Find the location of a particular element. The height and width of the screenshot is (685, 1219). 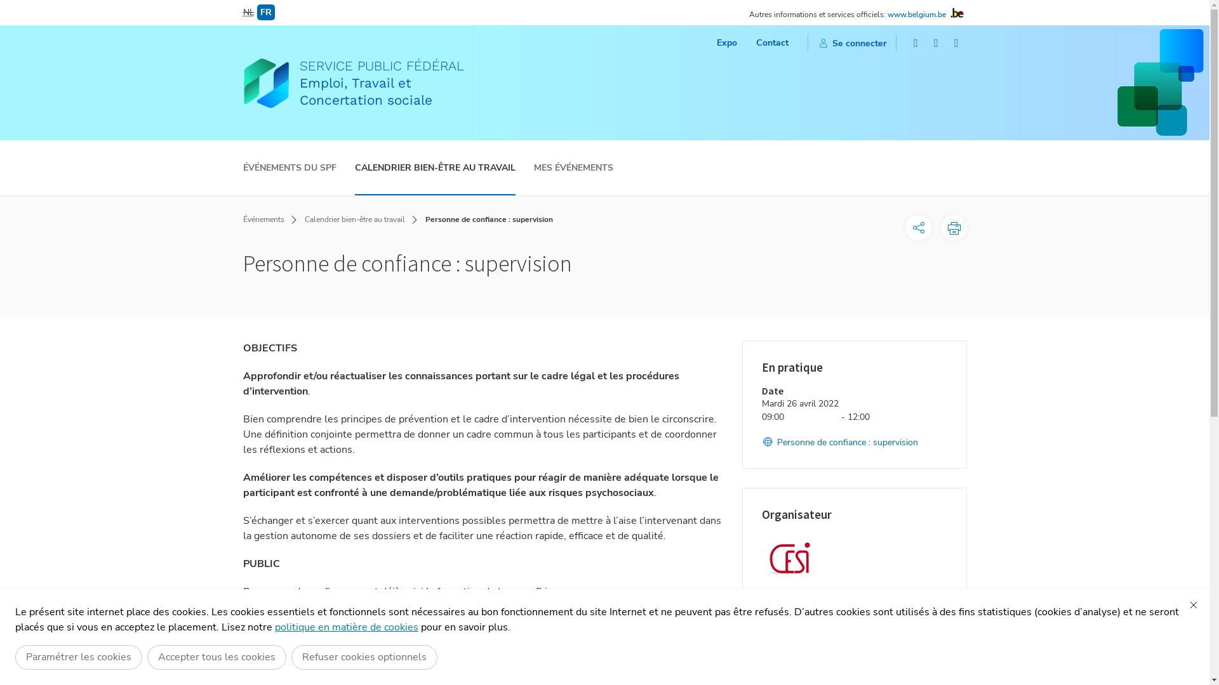

'Refuser cookies optionnels' is located at coordinates (364, 656).